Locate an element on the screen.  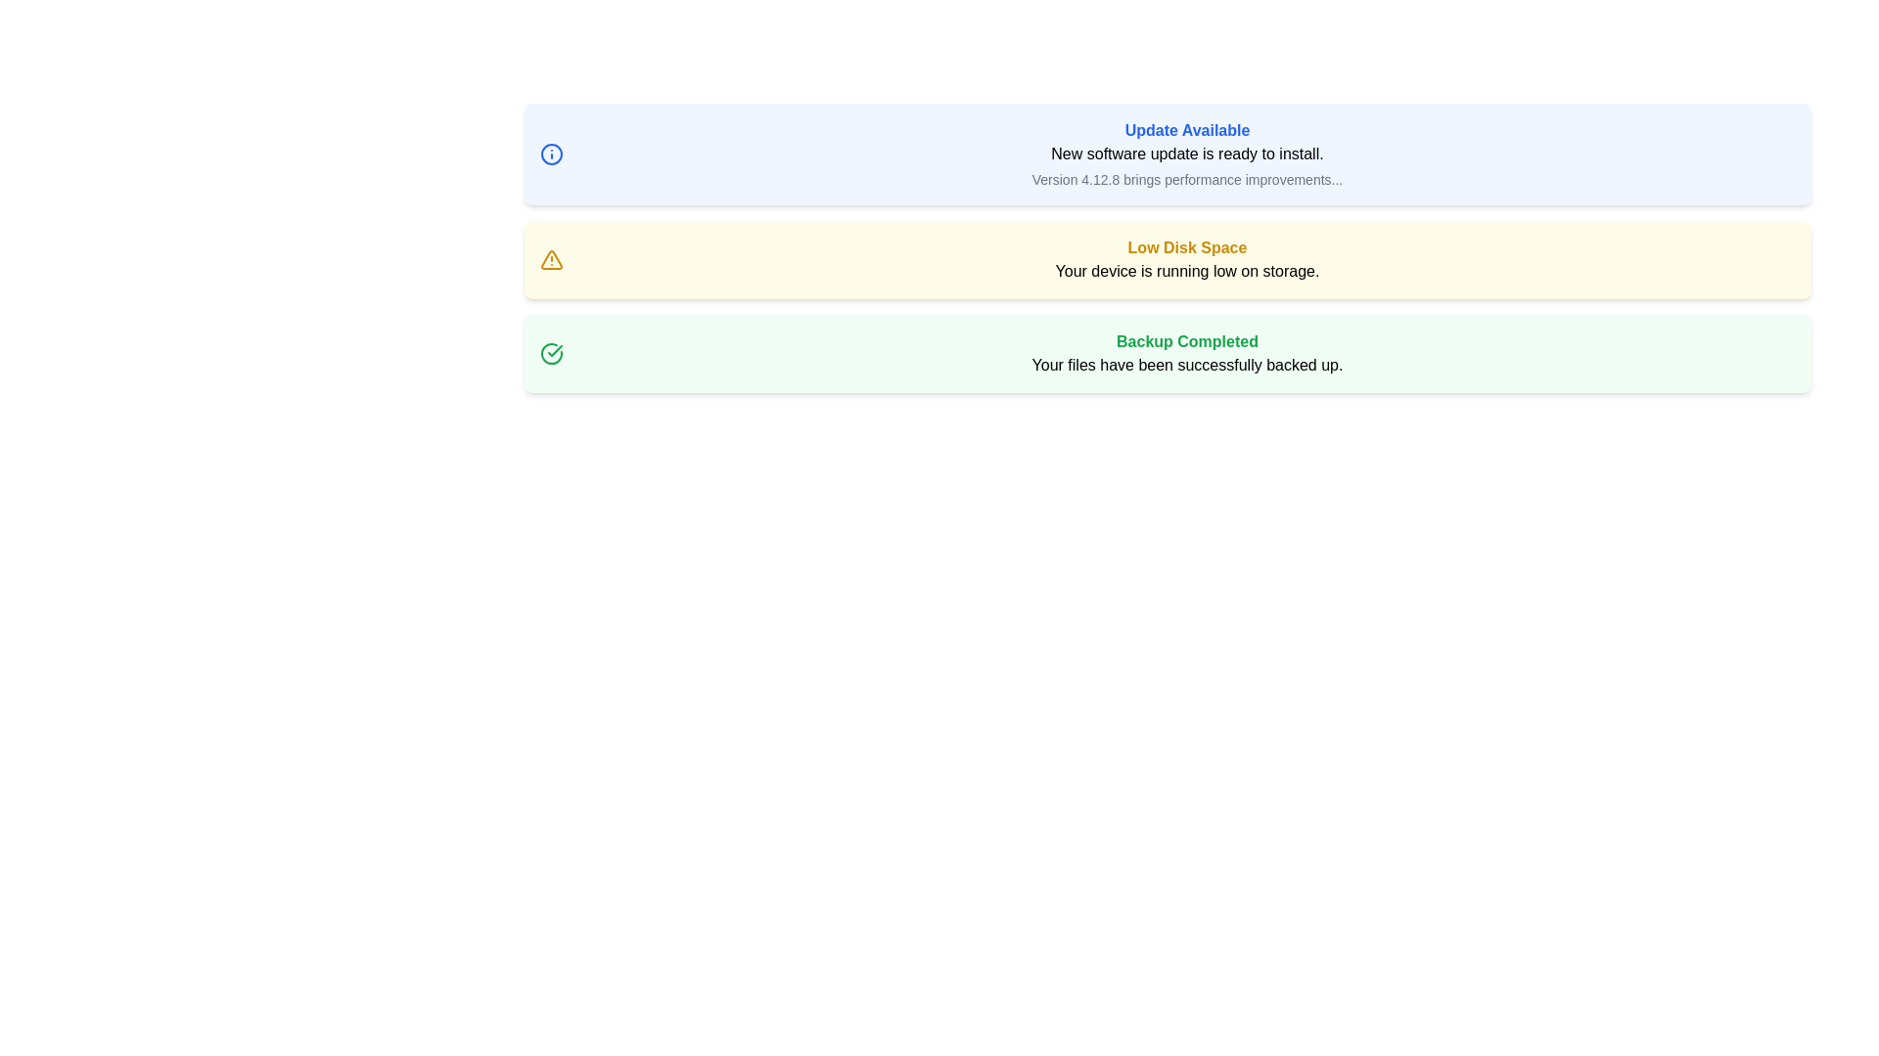
the text element displaying 'Backup Completed' in a bold green font located in the notification panel is located at coordinates (1186, 341).